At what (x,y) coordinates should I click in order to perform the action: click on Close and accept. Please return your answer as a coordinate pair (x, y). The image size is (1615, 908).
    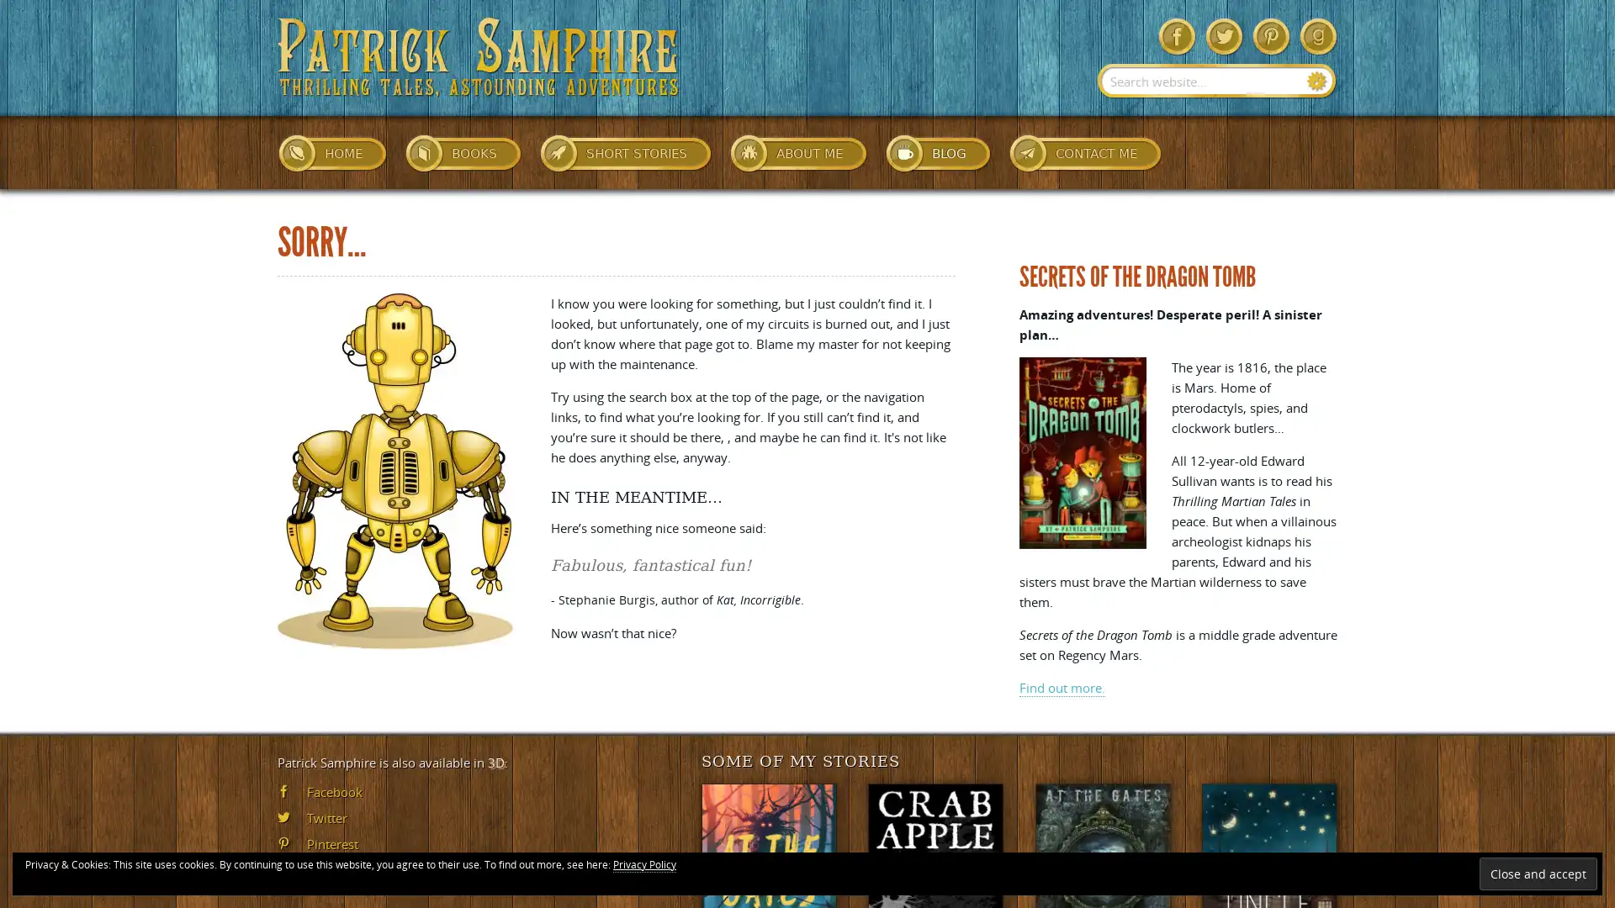
    Looking at the image, I should click on (1538, 873).